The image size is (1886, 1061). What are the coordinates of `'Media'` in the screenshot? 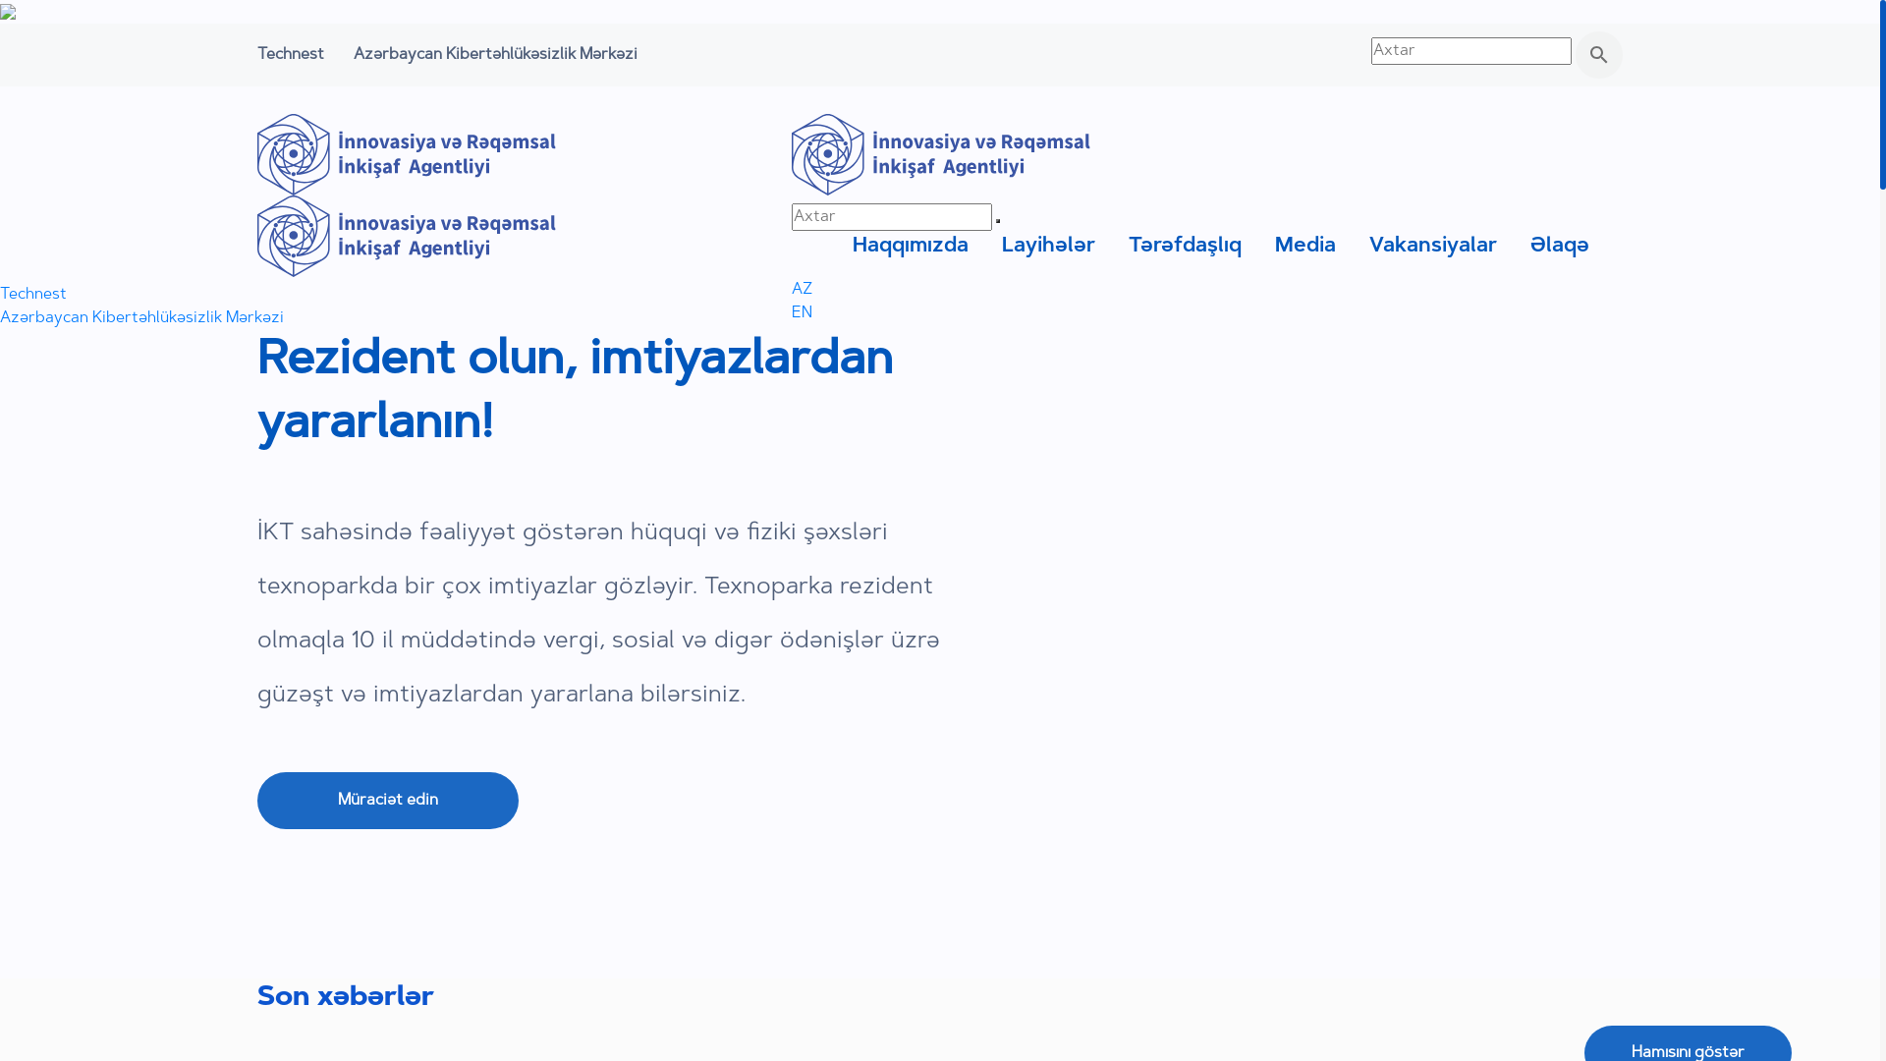 It's located at (1305, 245).